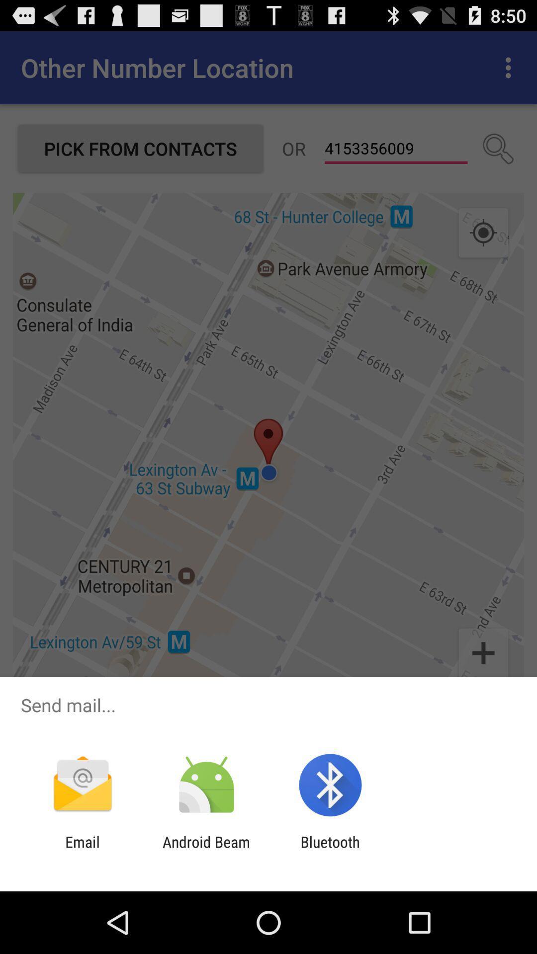 This screenshot has width=537, height=954. I want to click on icon to the right of android beam, so click(330, 850).